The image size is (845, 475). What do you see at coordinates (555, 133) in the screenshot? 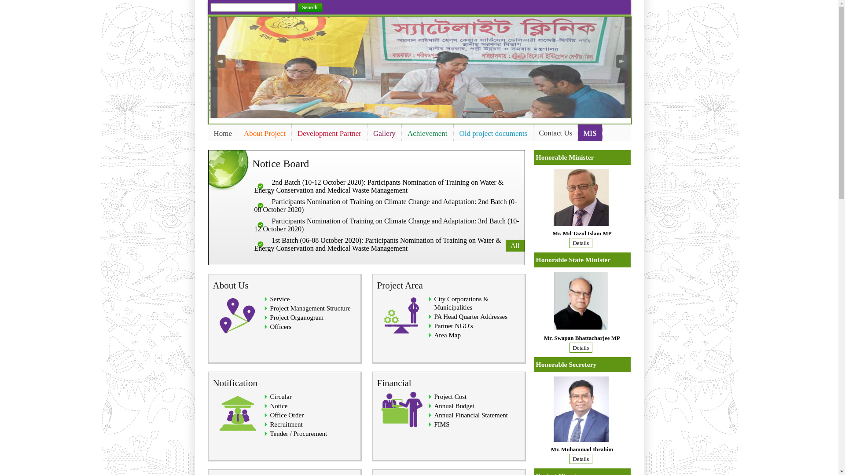
I see `'Contact Us'` at bounding box center [555, 133].